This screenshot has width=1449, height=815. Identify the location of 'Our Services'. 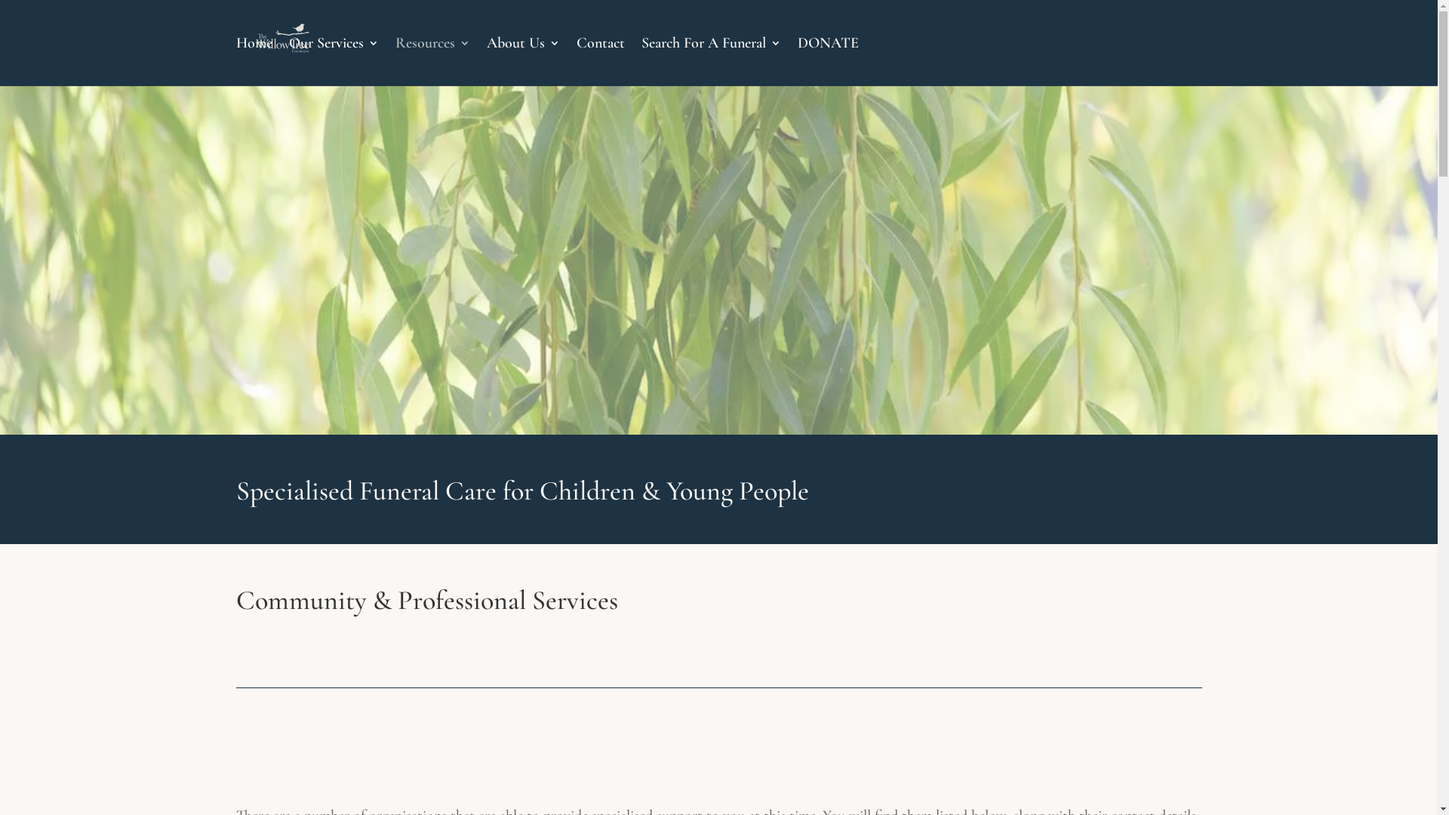
(332, 60).